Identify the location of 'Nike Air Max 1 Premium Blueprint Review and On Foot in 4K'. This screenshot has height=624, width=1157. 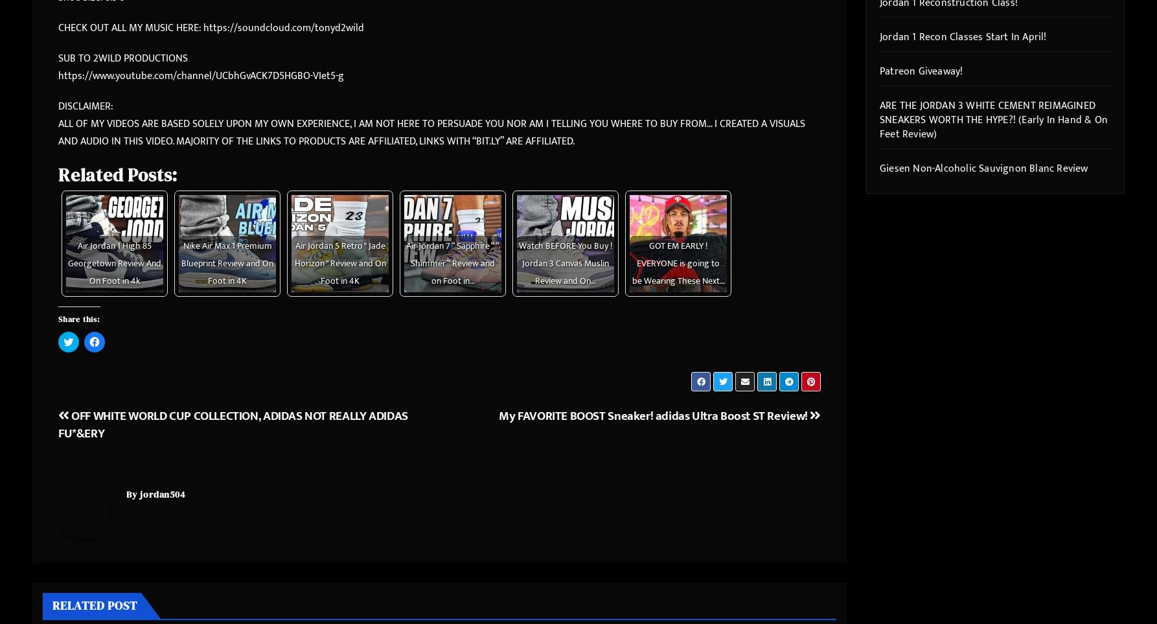
(227, 263).